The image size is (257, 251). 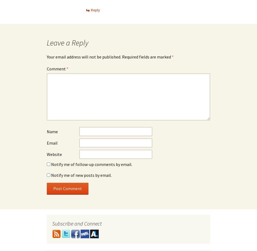 I want to click on 'Comment', so click(x=47, y=69).